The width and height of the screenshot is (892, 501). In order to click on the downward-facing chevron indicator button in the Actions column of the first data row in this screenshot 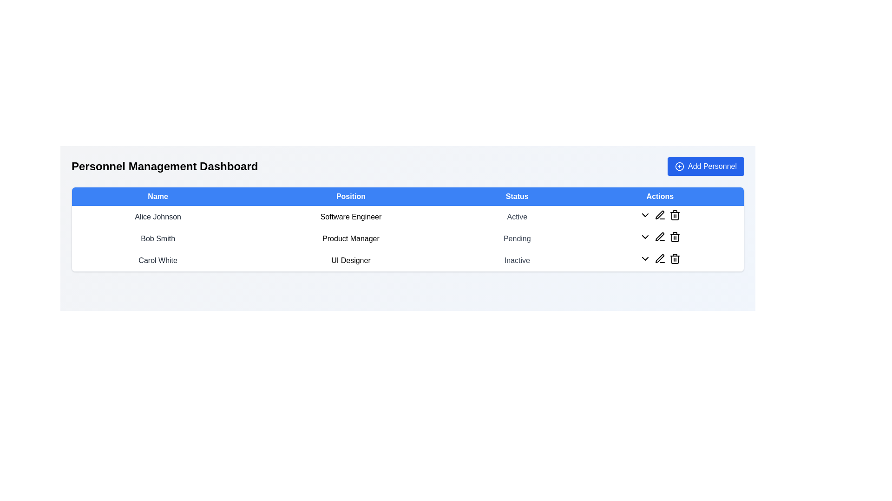, I will do `click(644, 215)`.